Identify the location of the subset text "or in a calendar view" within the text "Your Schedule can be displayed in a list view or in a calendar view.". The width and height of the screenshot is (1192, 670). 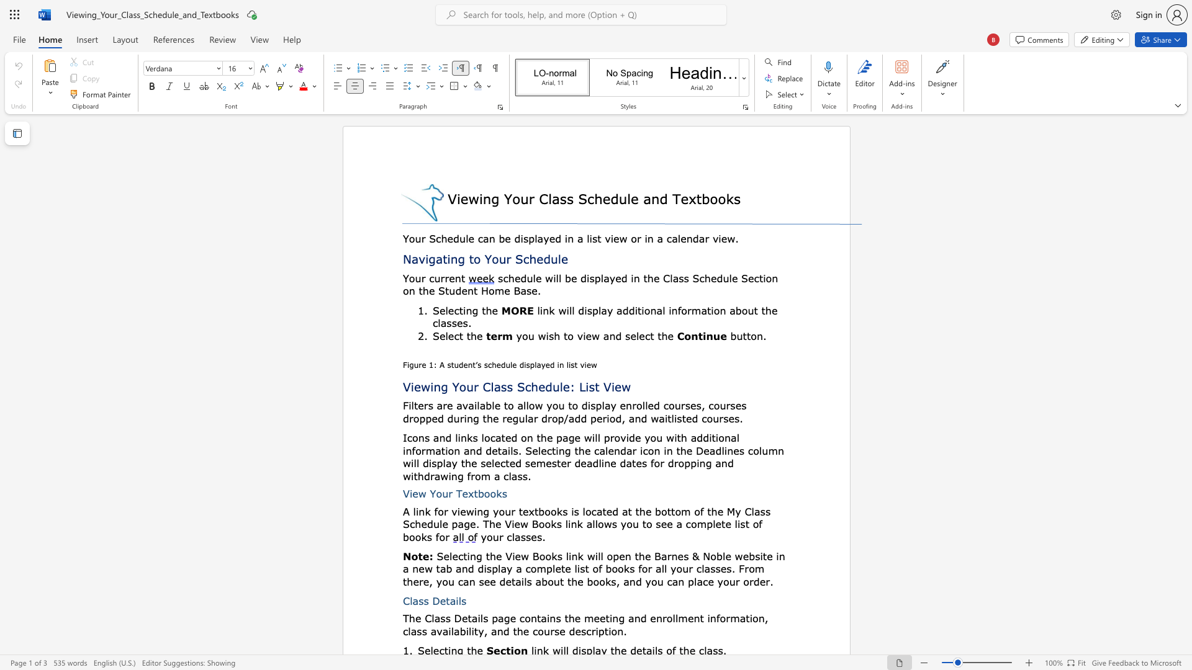
(631, 238).